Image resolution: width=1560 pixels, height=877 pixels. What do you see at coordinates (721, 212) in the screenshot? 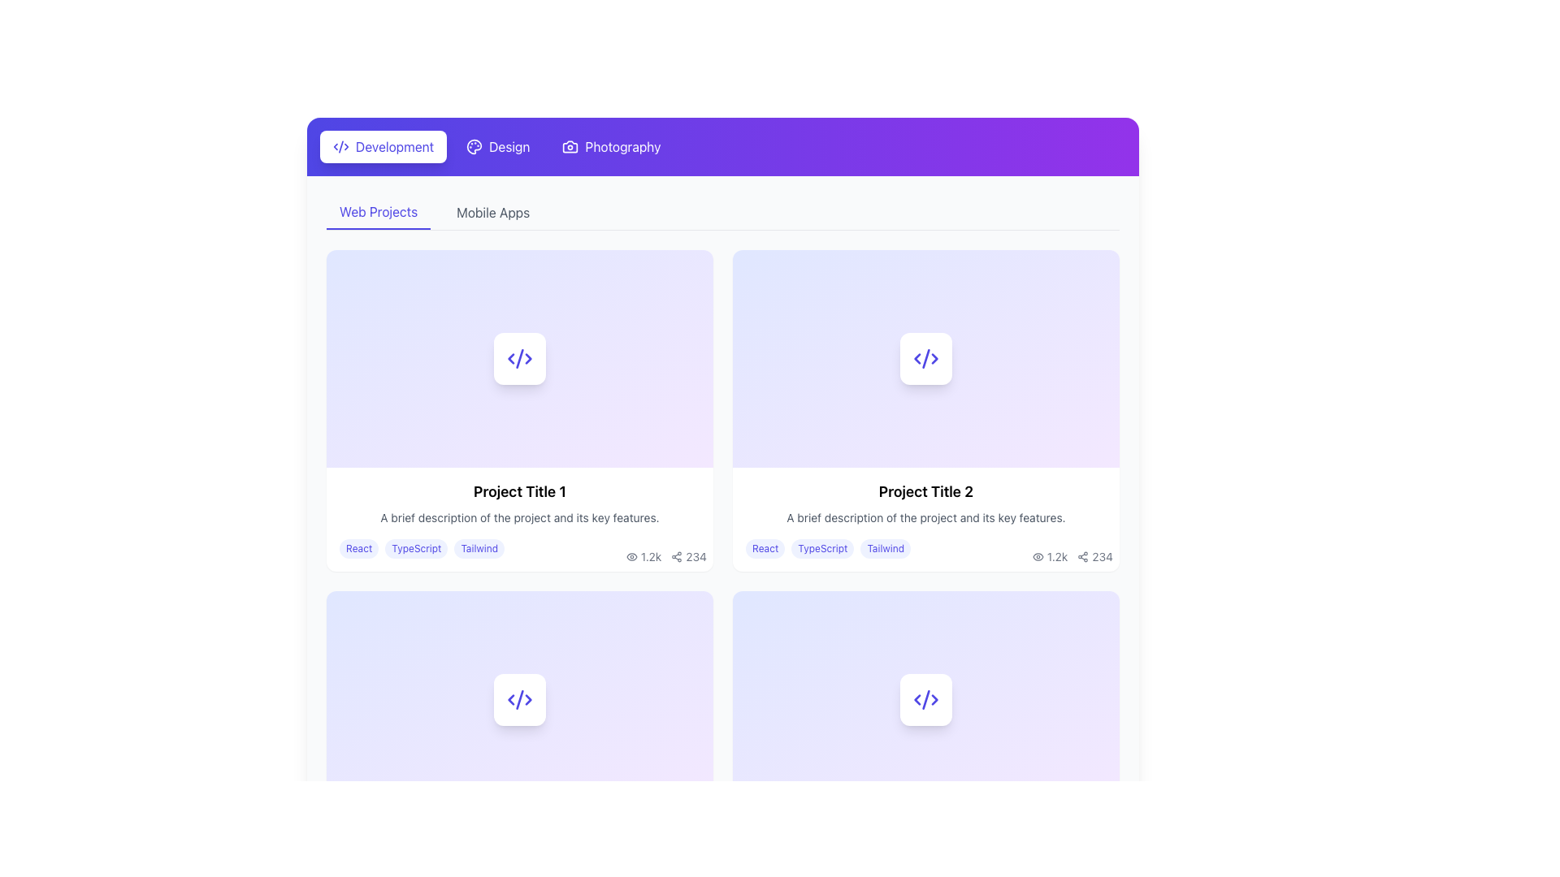
I see `the 'Mobile Apps' button in the Tab Selector` at bounding box center [721, 212].